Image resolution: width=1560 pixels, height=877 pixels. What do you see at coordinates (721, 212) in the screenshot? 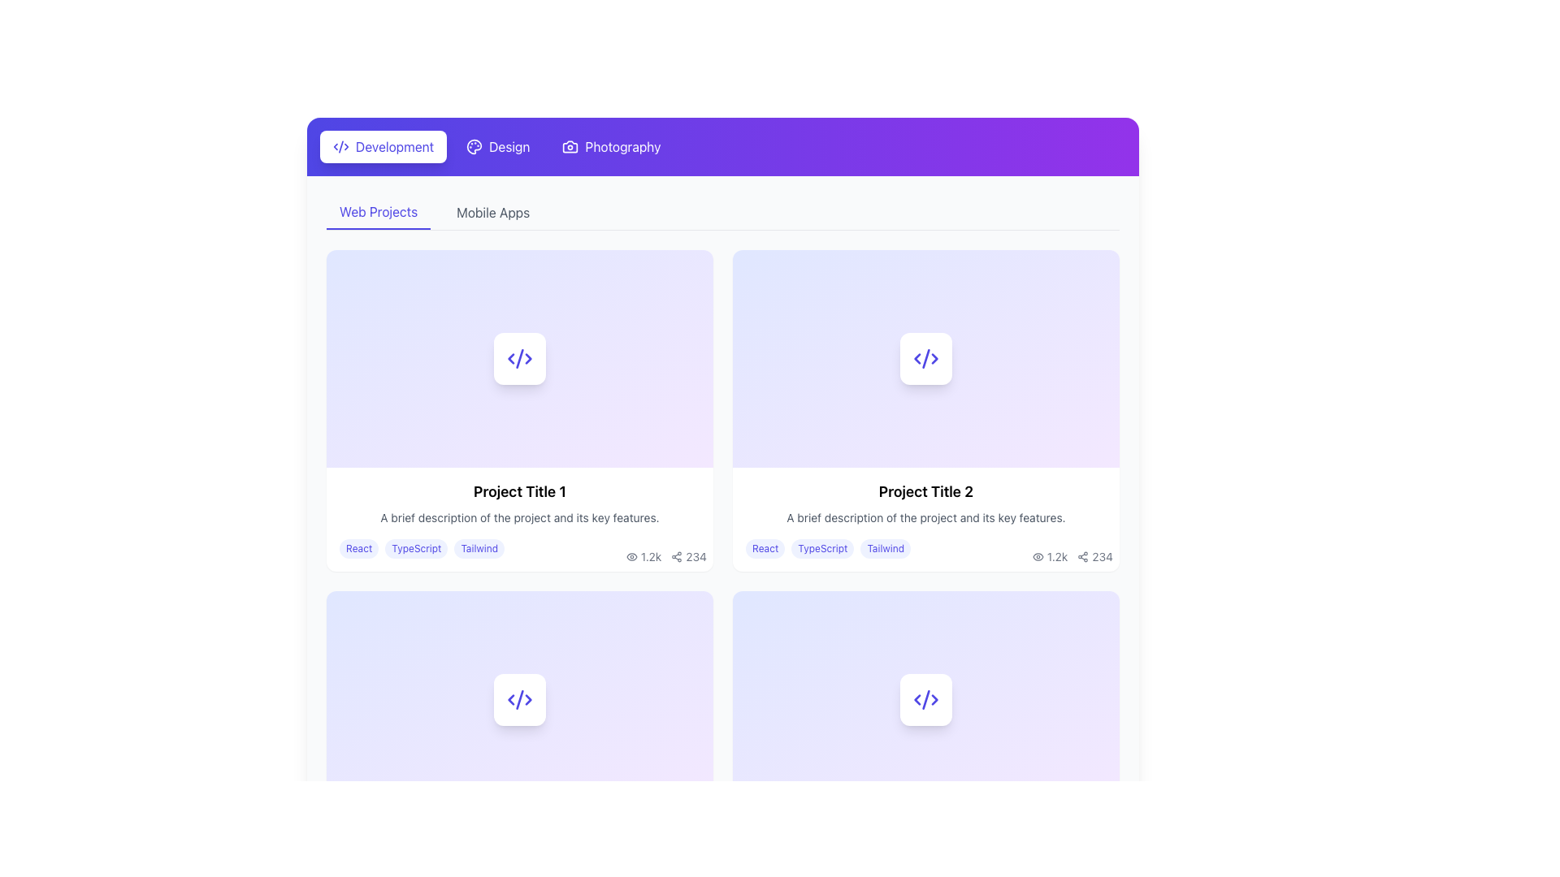
I see `the 'Mobile Apps' button in the Tab Selector` at bounding box center [721, 212].